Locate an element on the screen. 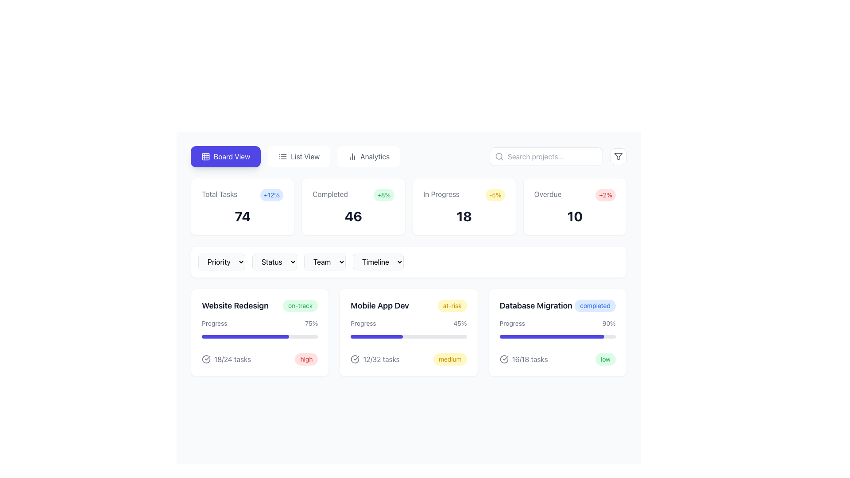 The height and width of the screenshot is (478, 850). the progress value of the indigo progress indicator within the 'Mobile App Dev' task card, which is a rectangular bar with rounded edges is located at coordinates (377, 336).